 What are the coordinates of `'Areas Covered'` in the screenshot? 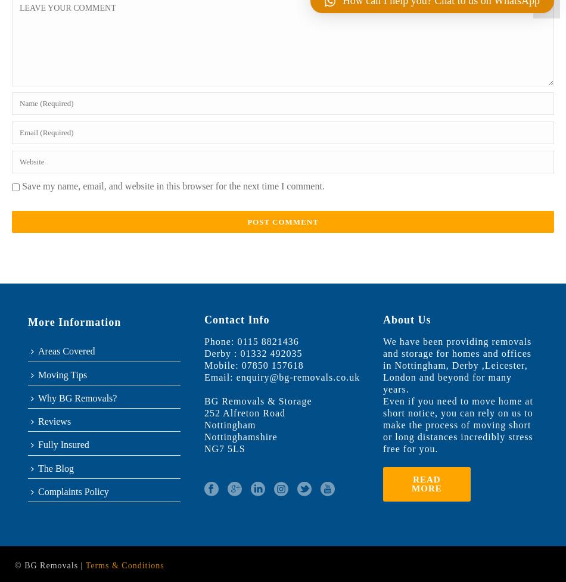 It's located at (38, 350).